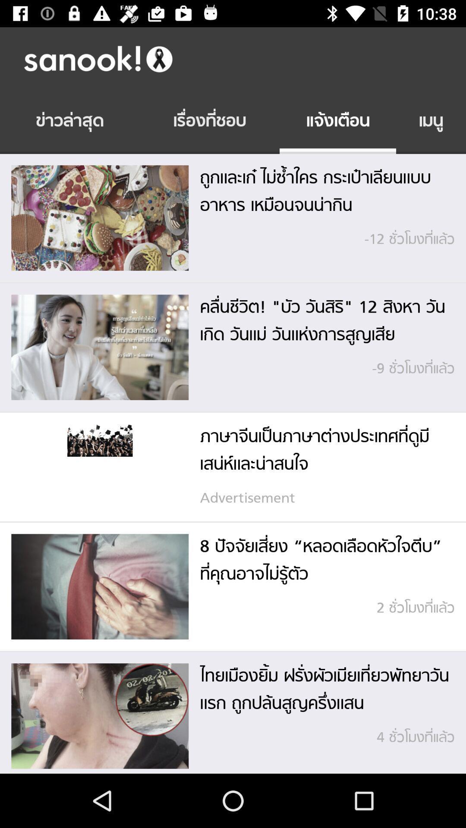 Image resolution: width=466 pixels, height=828 pixels. Describe the element at coordinates (242, 58) in the screenshot. I see `sanook button` at that location.